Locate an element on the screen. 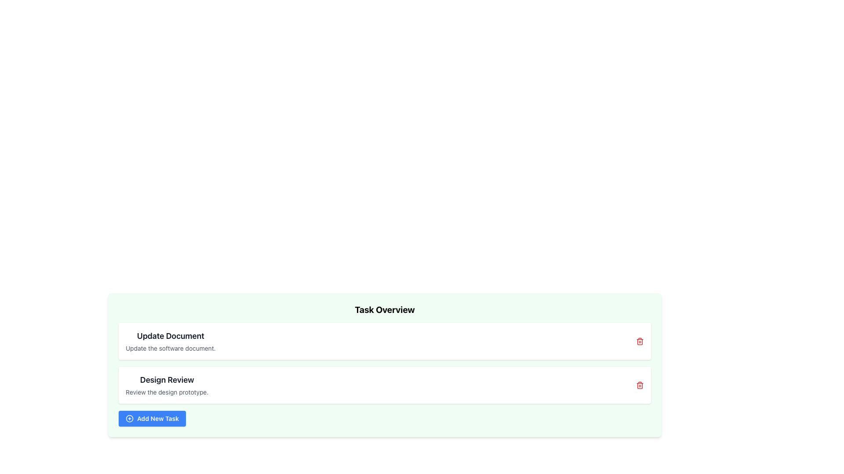 This screenshot has width=844, height=474. the 'Add New Task' button by clicking on its center, which is located at the bottom-left corner of the task overview section is located at coordinates (129, 418).